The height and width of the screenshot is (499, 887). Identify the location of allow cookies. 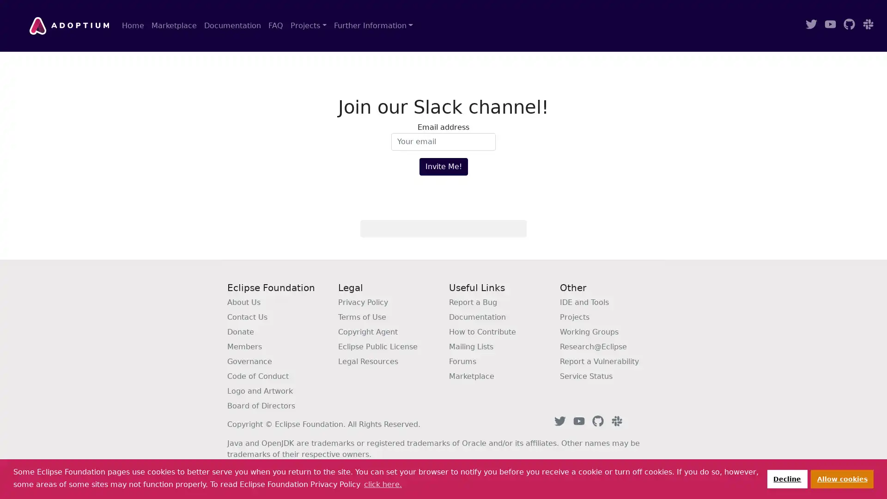
(842, 478).